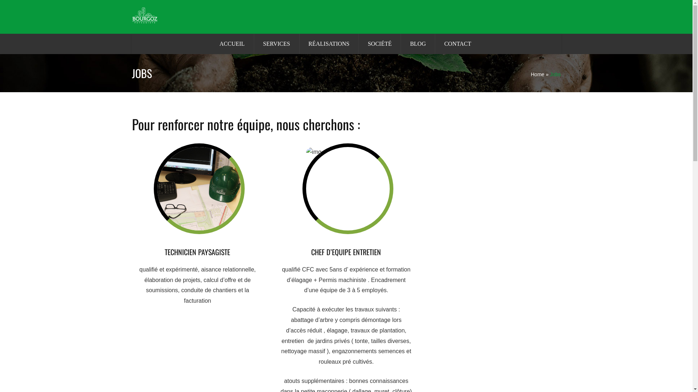 Image resolution: width=698 pixels, height=392 pixels. I want to click on 'SERVICES', so click(276, 41).